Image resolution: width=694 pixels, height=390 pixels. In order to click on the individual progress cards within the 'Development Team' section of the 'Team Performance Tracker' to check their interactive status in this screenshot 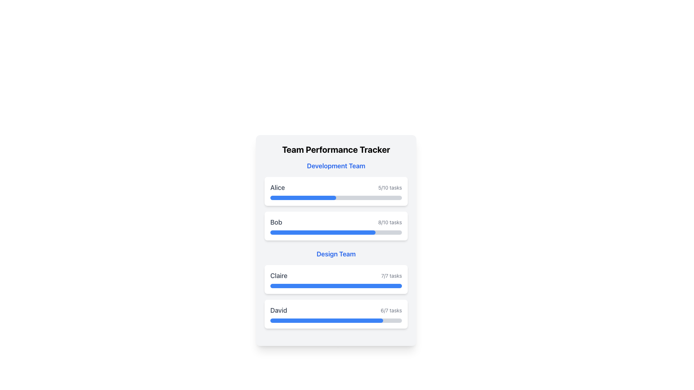, I will do `click(336, 200)`.